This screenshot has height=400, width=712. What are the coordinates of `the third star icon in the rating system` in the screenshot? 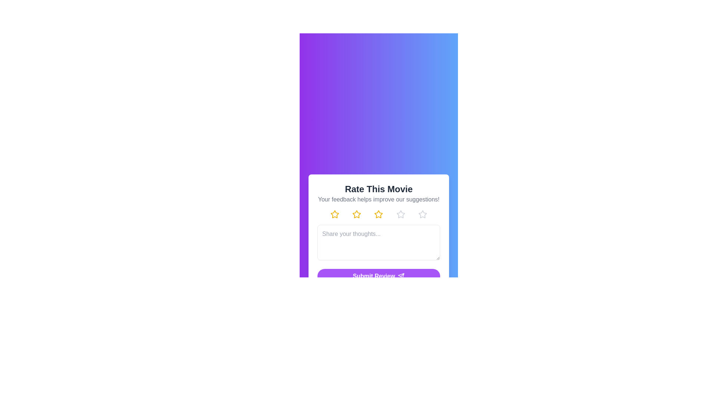 It's located at (379, 214).